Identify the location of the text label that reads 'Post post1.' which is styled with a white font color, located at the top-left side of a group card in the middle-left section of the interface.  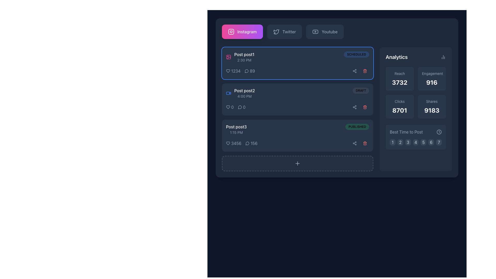
(244, 55).